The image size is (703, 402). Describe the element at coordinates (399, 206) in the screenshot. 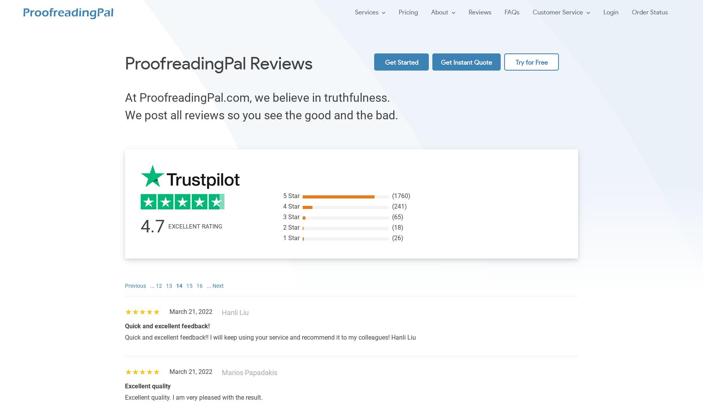

I see `'(241)'` at that location.